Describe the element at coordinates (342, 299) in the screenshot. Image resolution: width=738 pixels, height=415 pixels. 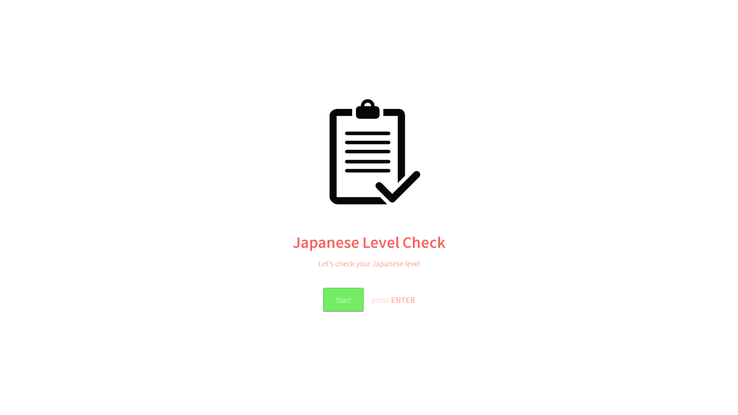
I see `'Start'` at that location.